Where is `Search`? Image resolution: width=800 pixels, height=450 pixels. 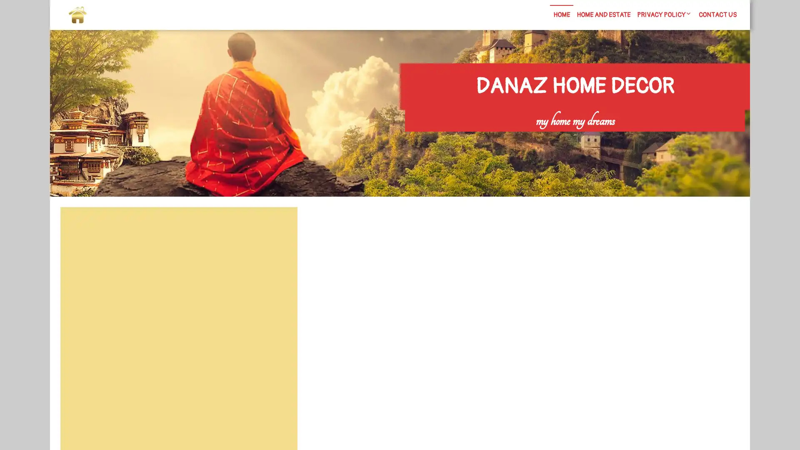 Search is located at coordinates (649, 136).